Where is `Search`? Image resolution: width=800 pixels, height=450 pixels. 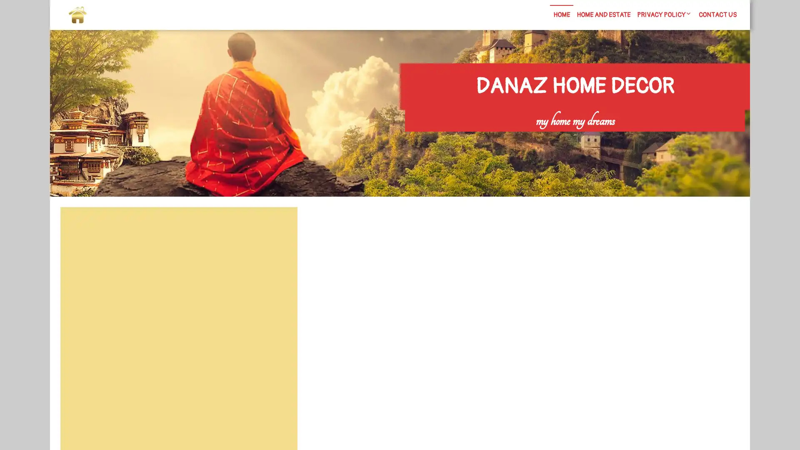 Search is located at coordinates (649, 136).